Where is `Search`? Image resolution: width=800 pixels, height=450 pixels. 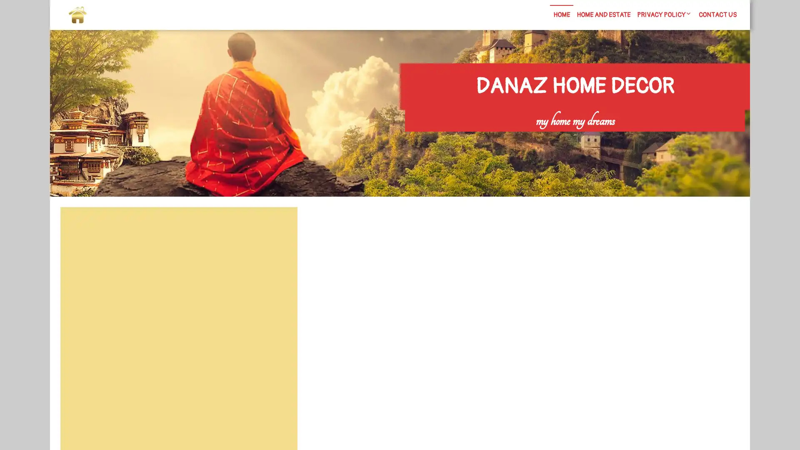 Search is located at coordinates (649, 136).